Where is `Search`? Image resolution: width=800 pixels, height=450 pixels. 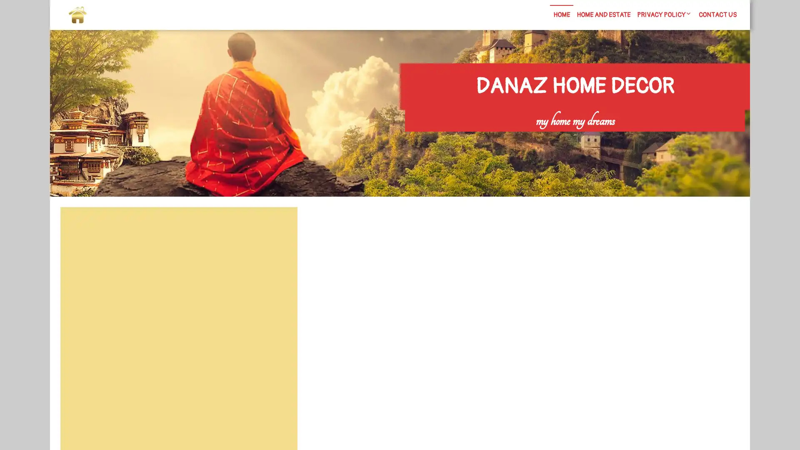 Search is located at coordinates (649, 136).